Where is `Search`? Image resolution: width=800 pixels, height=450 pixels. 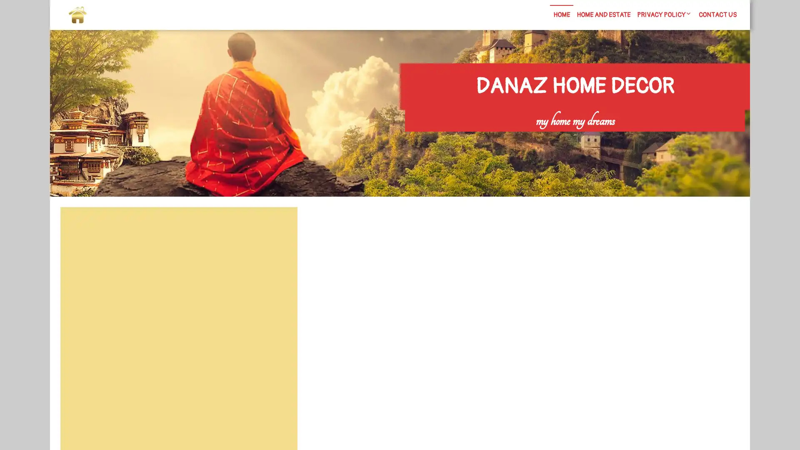 Search is located at coordinates (649, 136).